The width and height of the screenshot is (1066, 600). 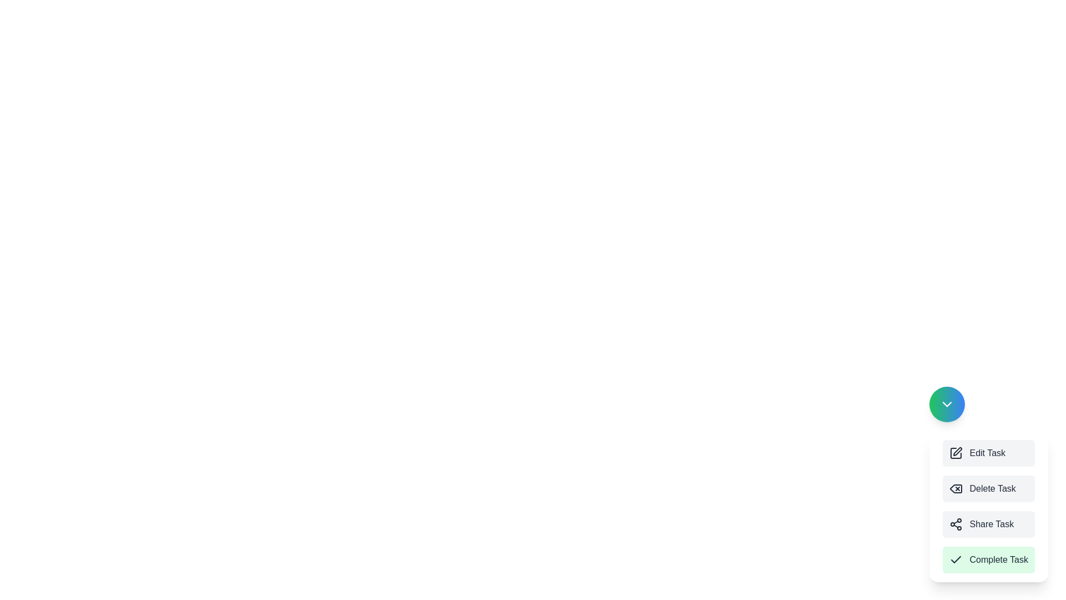 I want to click on the button labeled Edit Task to observe the hover effect, so click(x=989, y=453).